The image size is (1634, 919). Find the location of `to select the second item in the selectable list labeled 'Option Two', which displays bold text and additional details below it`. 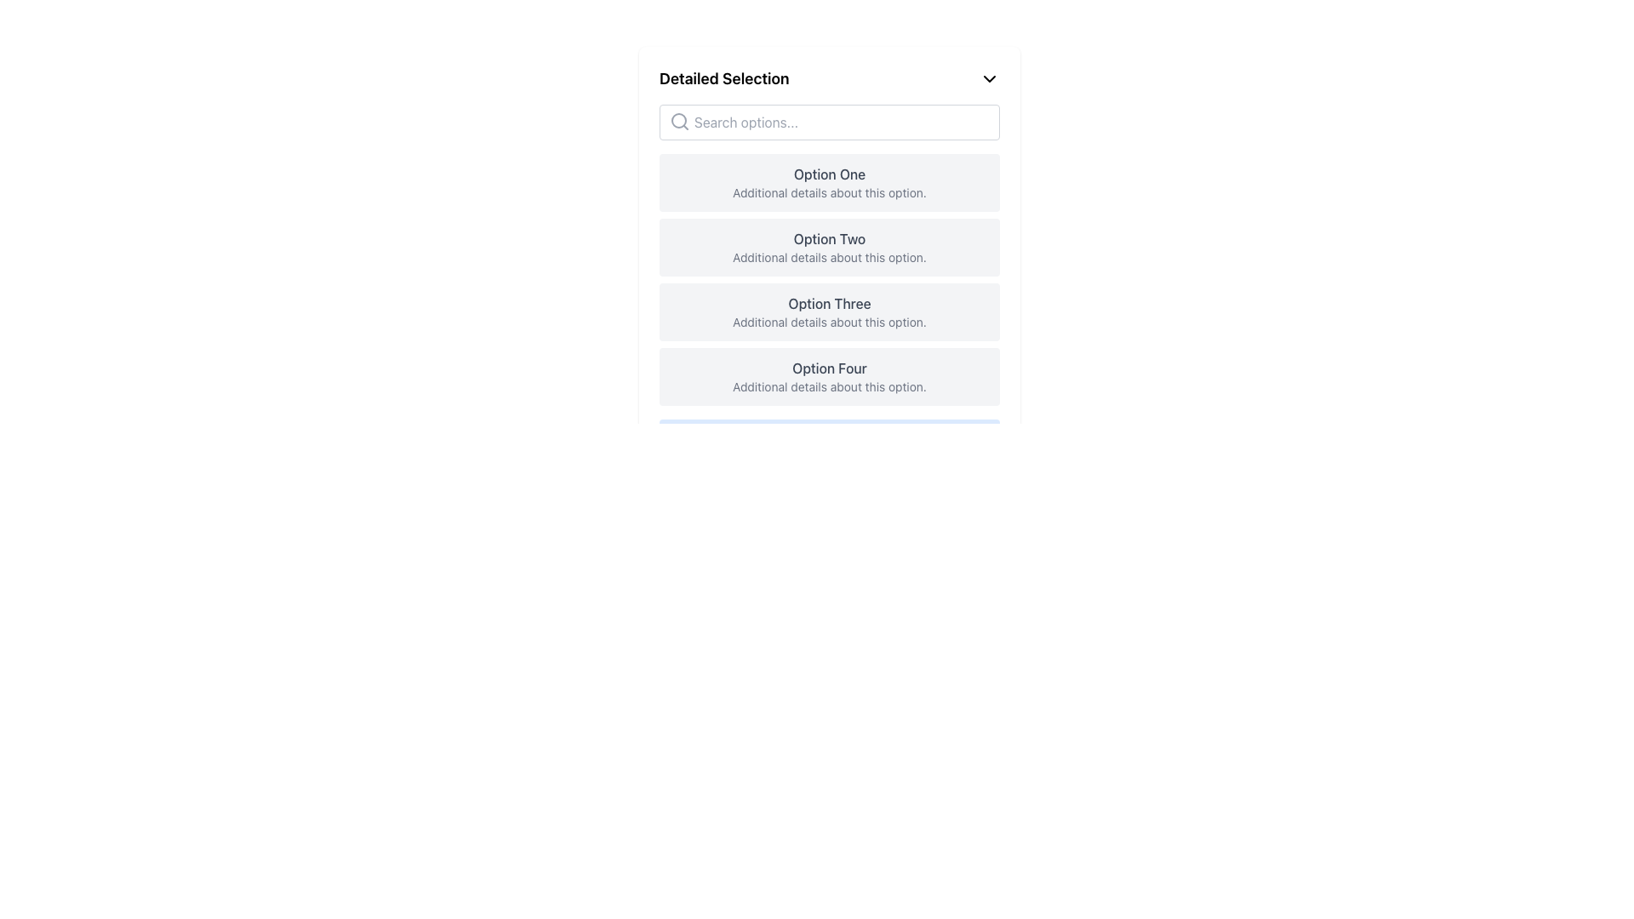

to select the second item in the selectable list labeled 'Option Two', which displays bold text and additional details below it is located at coordinates (829, 247).